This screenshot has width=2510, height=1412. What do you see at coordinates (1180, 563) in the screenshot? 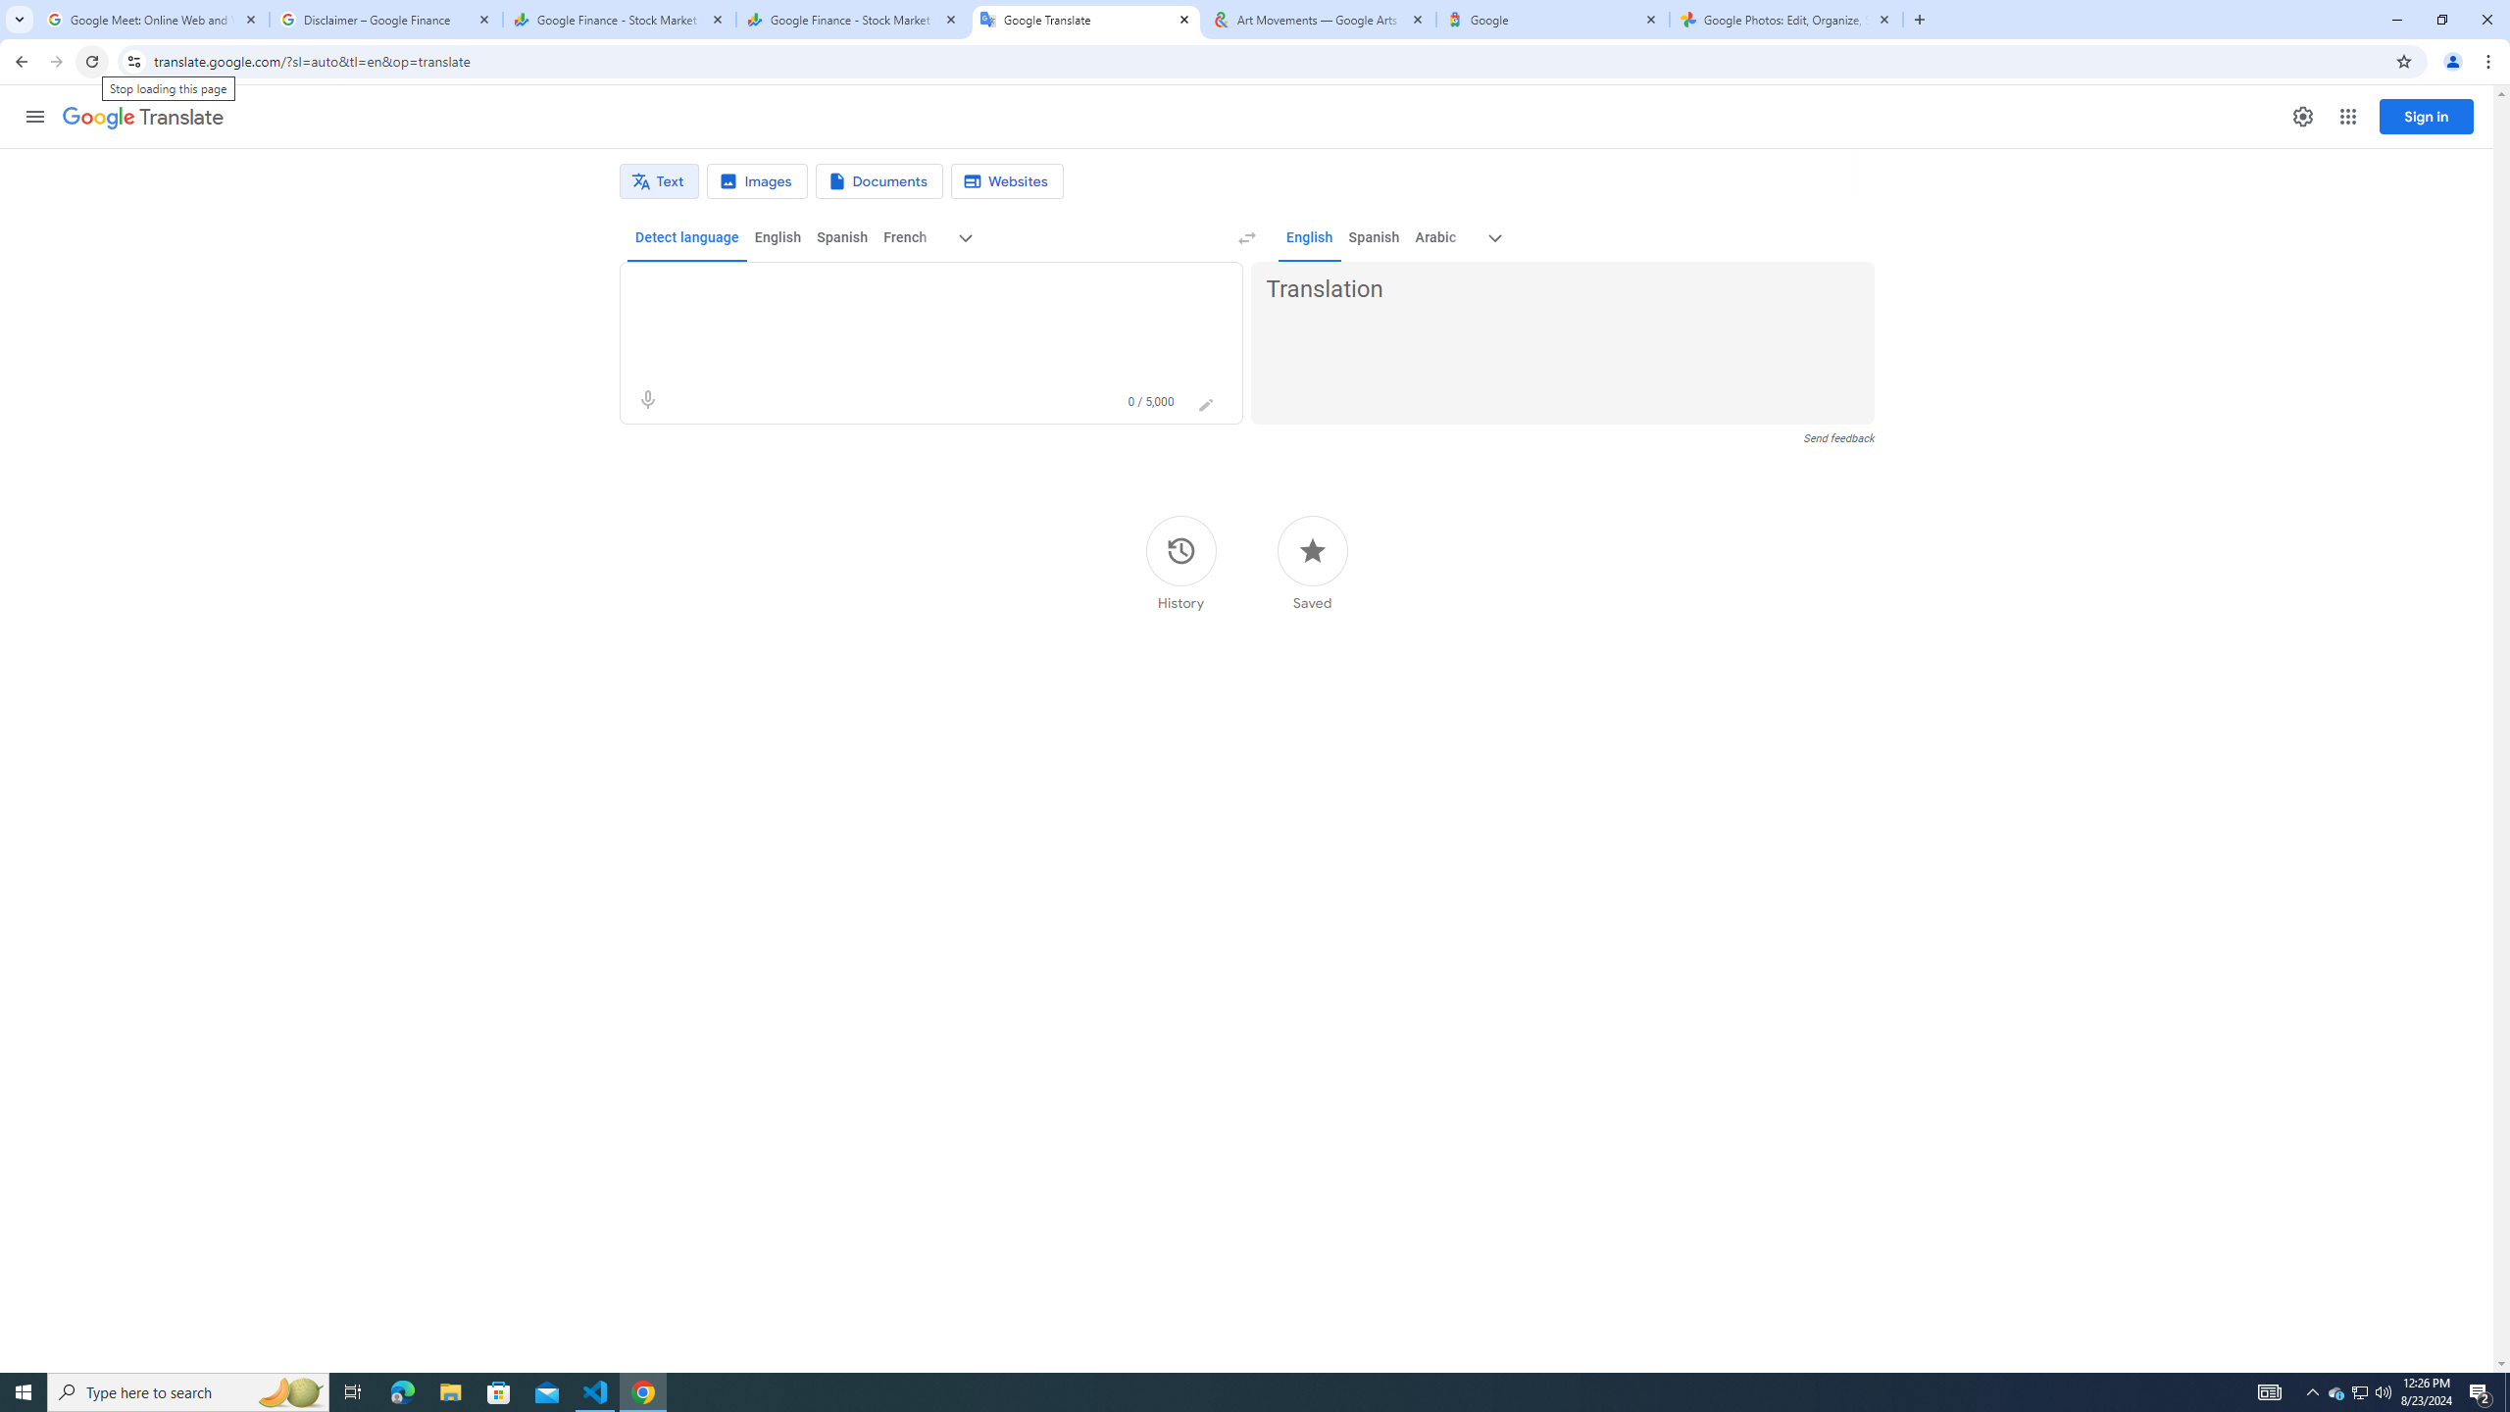
I see `'History'` at bounding box center [1180, 563].